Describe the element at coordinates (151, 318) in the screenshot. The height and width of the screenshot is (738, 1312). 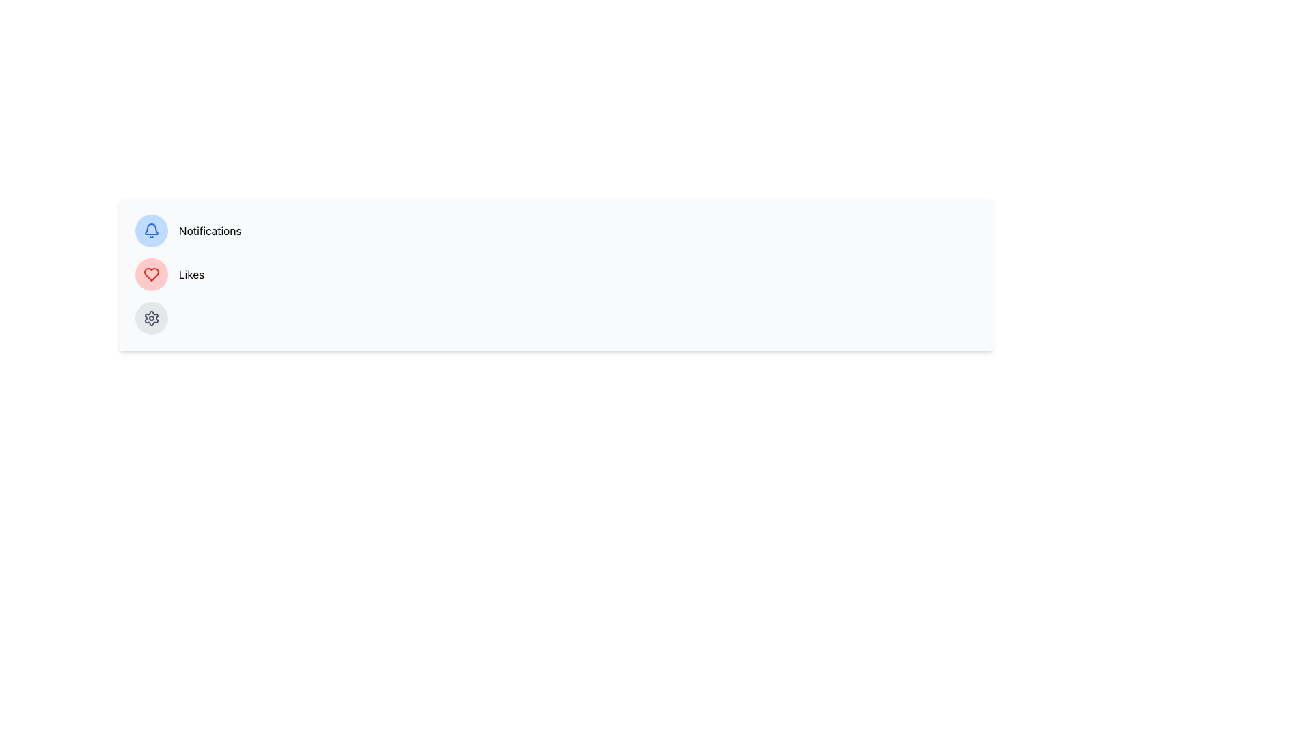
I see `the interactive settings button, which is the third option` at that location.